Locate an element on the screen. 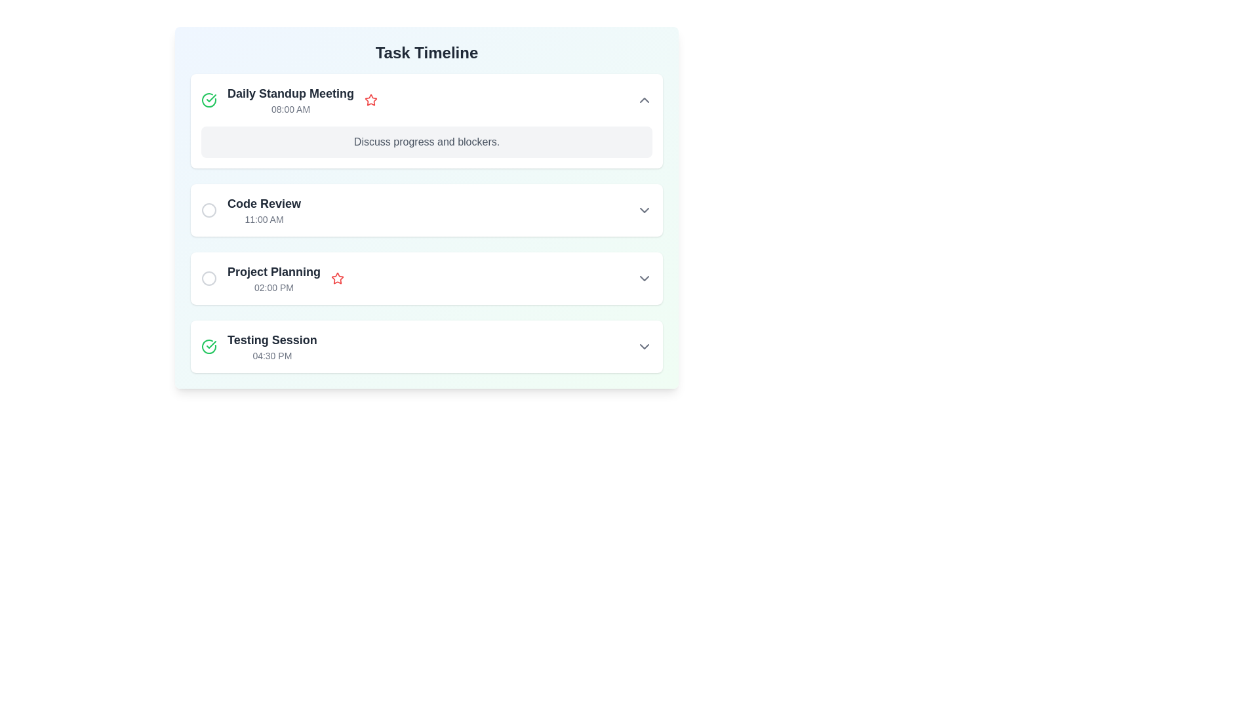 The height and width of the screenshot is (708, 1259). text of the 'Project Planning' task entry label, which is centered above the smaller text '02:00 PM' in the task timeline interface is located at coordinates (273, 271).